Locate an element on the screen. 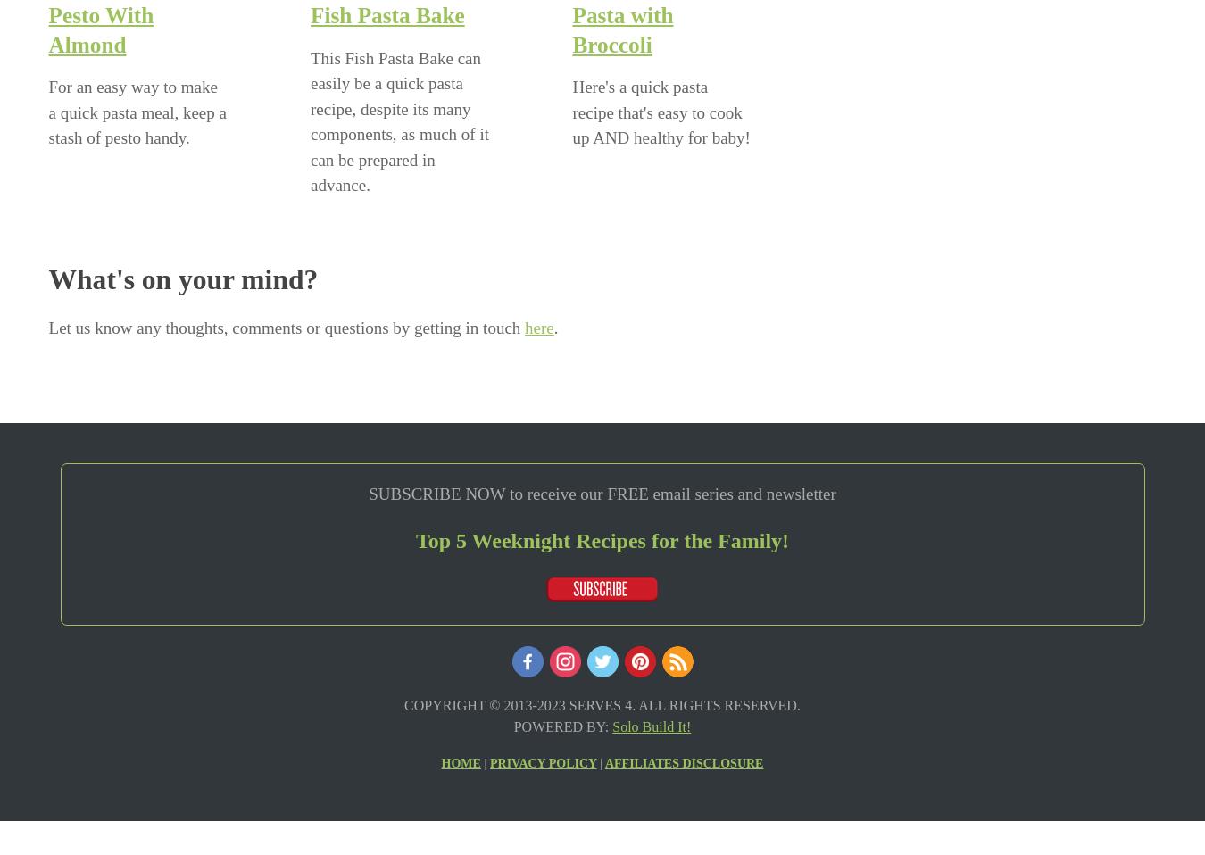 The width and height of the screenshot is (1205, 855). 'Solo Build It!' is located at coordinates (650, 725).